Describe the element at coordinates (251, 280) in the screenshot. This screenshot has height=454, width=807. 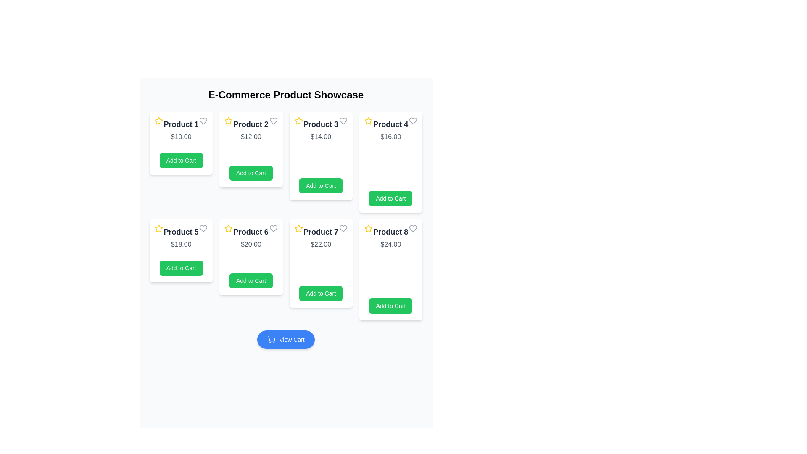
I see `the button` at that location.